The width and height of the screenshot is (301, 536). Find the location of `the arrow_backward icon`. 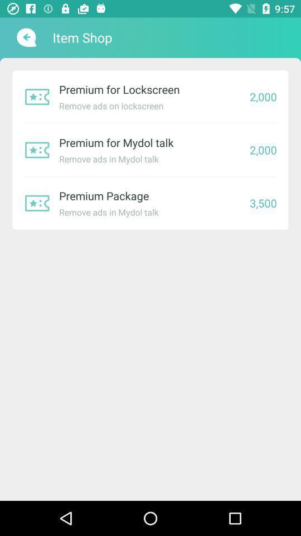

the arrow_backward icon is located at coordinates (25, 37).